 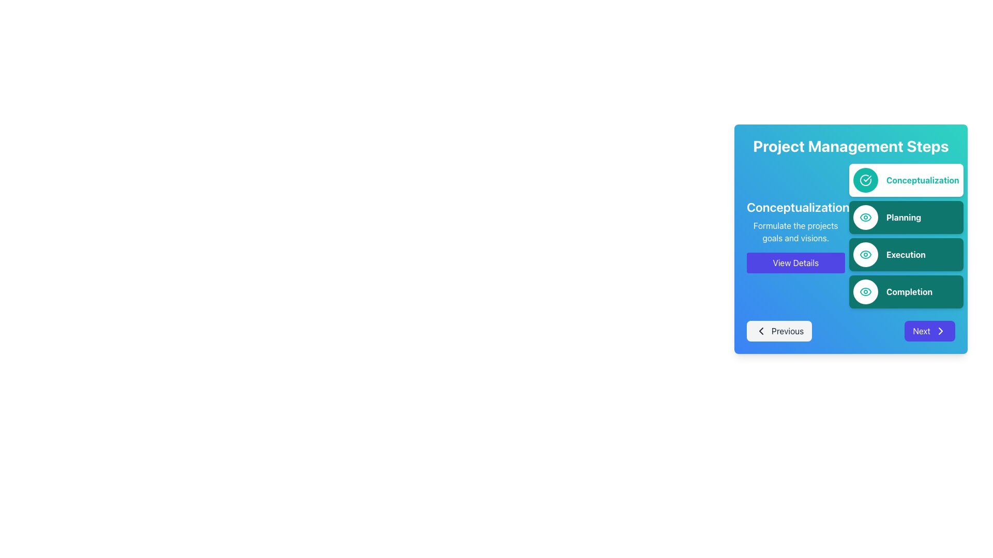 What do you see at coordinates (865, 216) in the screenshot?
I see `the eye-shaped icon associated with the 'Planning' option, located in the second item of a vertical list of grouped options` at bounding box center [865, 216].